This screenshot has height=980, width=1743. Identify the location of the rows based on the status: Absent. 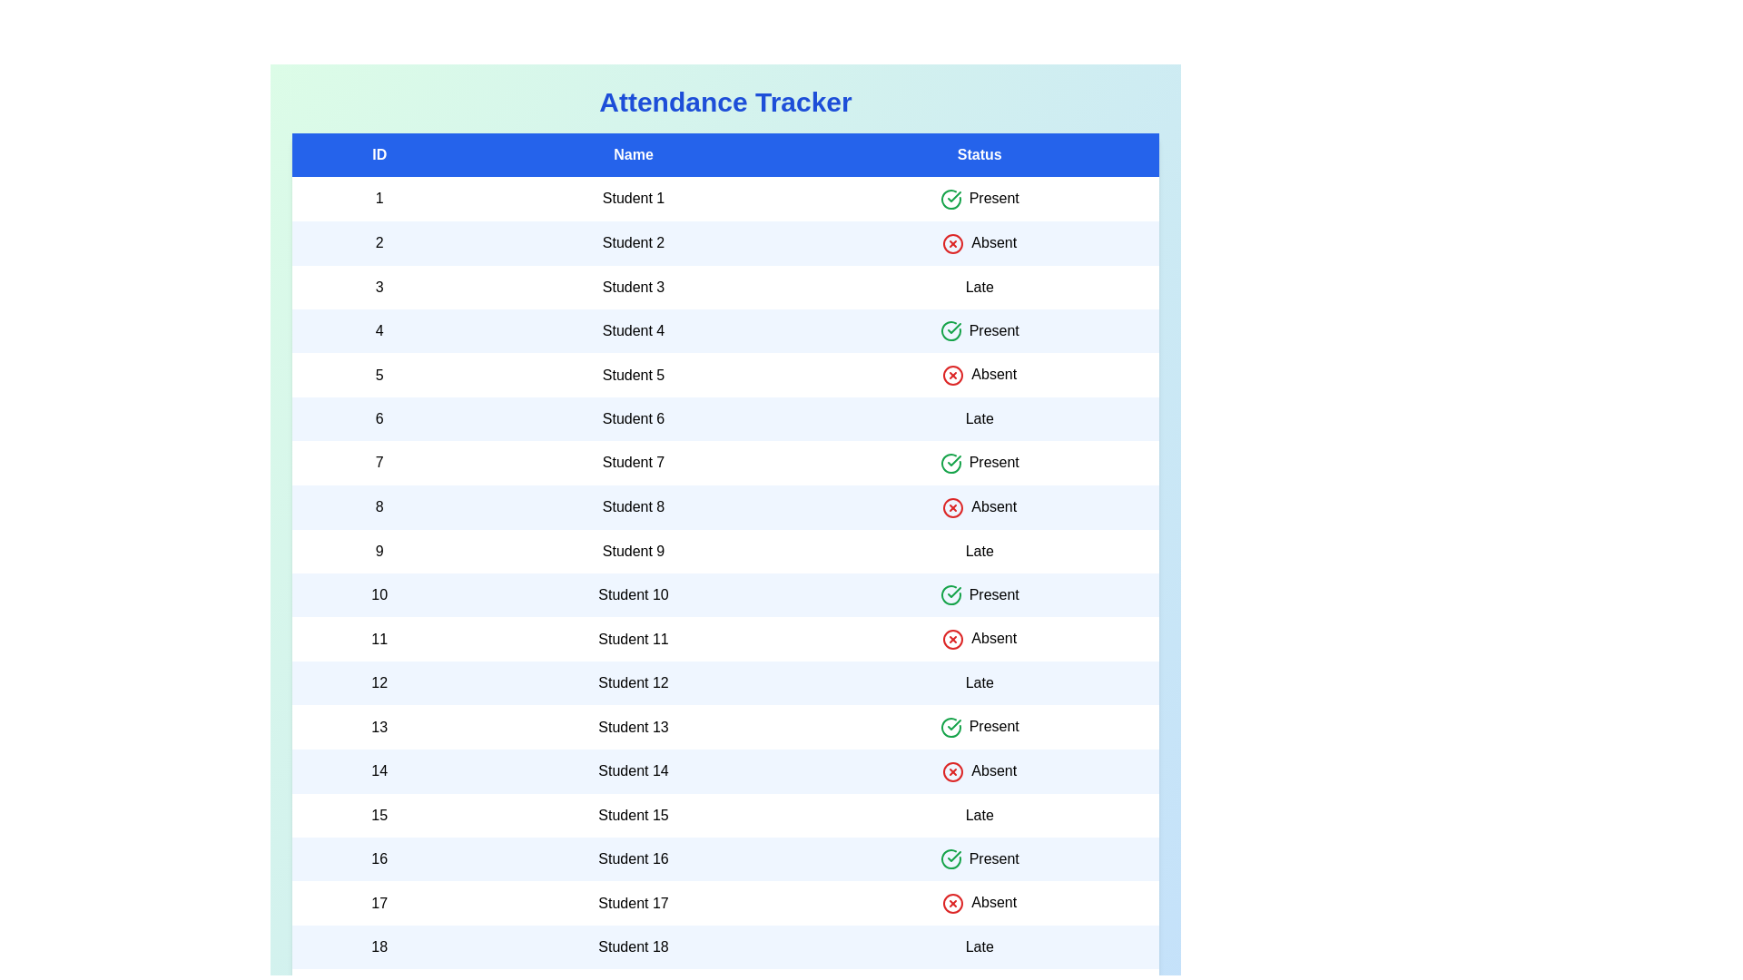
(952, 241).